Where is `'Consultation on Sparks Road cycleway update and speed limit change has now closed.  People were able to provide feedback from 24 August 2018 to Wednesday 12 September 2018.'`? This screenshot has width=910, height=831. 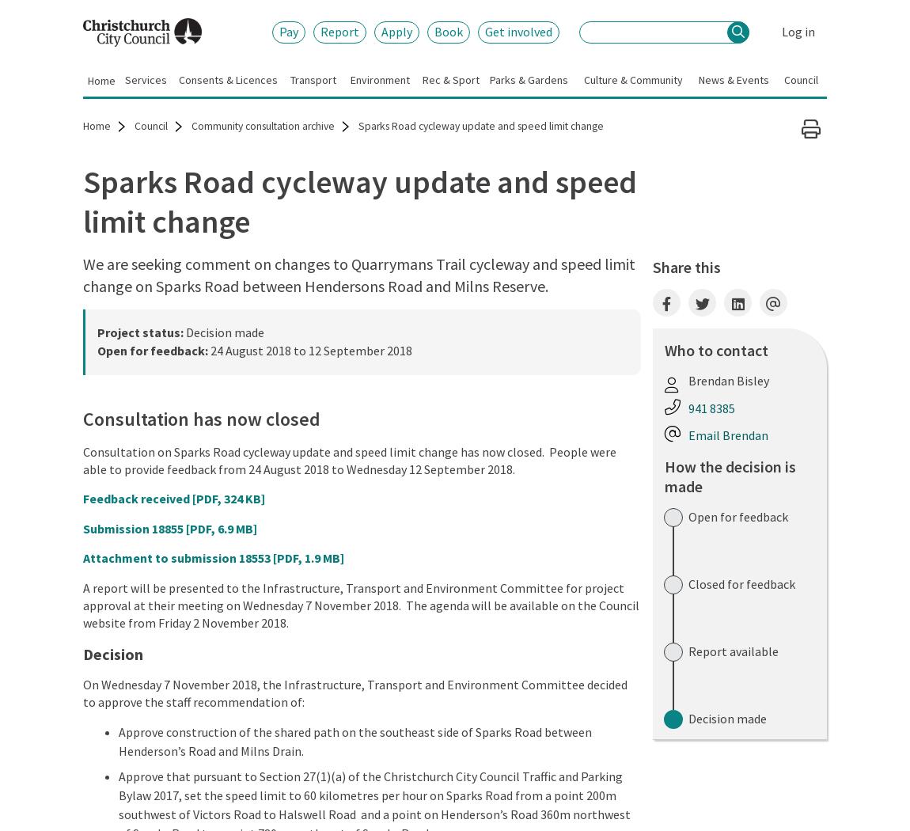 'Consultation on Sparks Road cycleway update and speed limit change has now closed.  People were able to provide feedback from 24 August 2018 to Wednesday 12 September 2018.' is located at coordinates (349, 458).